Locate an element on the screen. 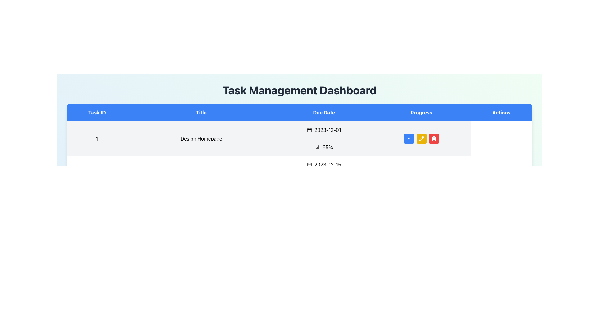 The height and width of the screenshot is (335, 596). the 'Progress' label, which is the fourth header in the table and has a blue background with white text is located at coordinates (421, 112).